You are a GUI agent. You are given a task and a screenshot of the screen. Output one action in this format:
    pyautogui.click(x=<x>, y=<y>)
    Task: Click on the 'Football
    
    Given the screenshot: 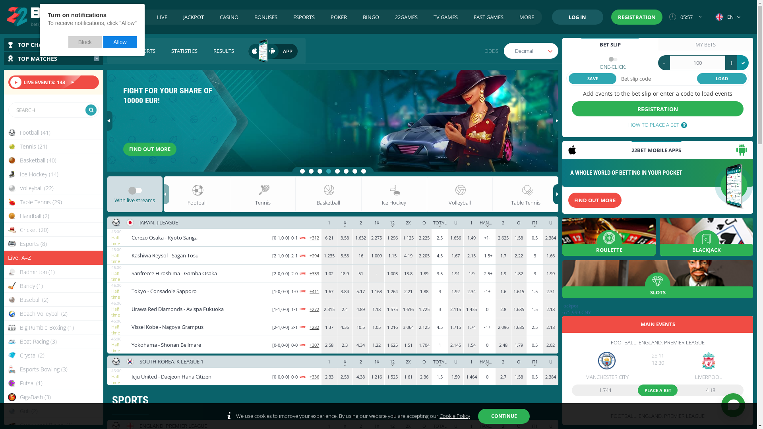 What is the action you would take?
    pyautogui.click(x=53, y=132)
    